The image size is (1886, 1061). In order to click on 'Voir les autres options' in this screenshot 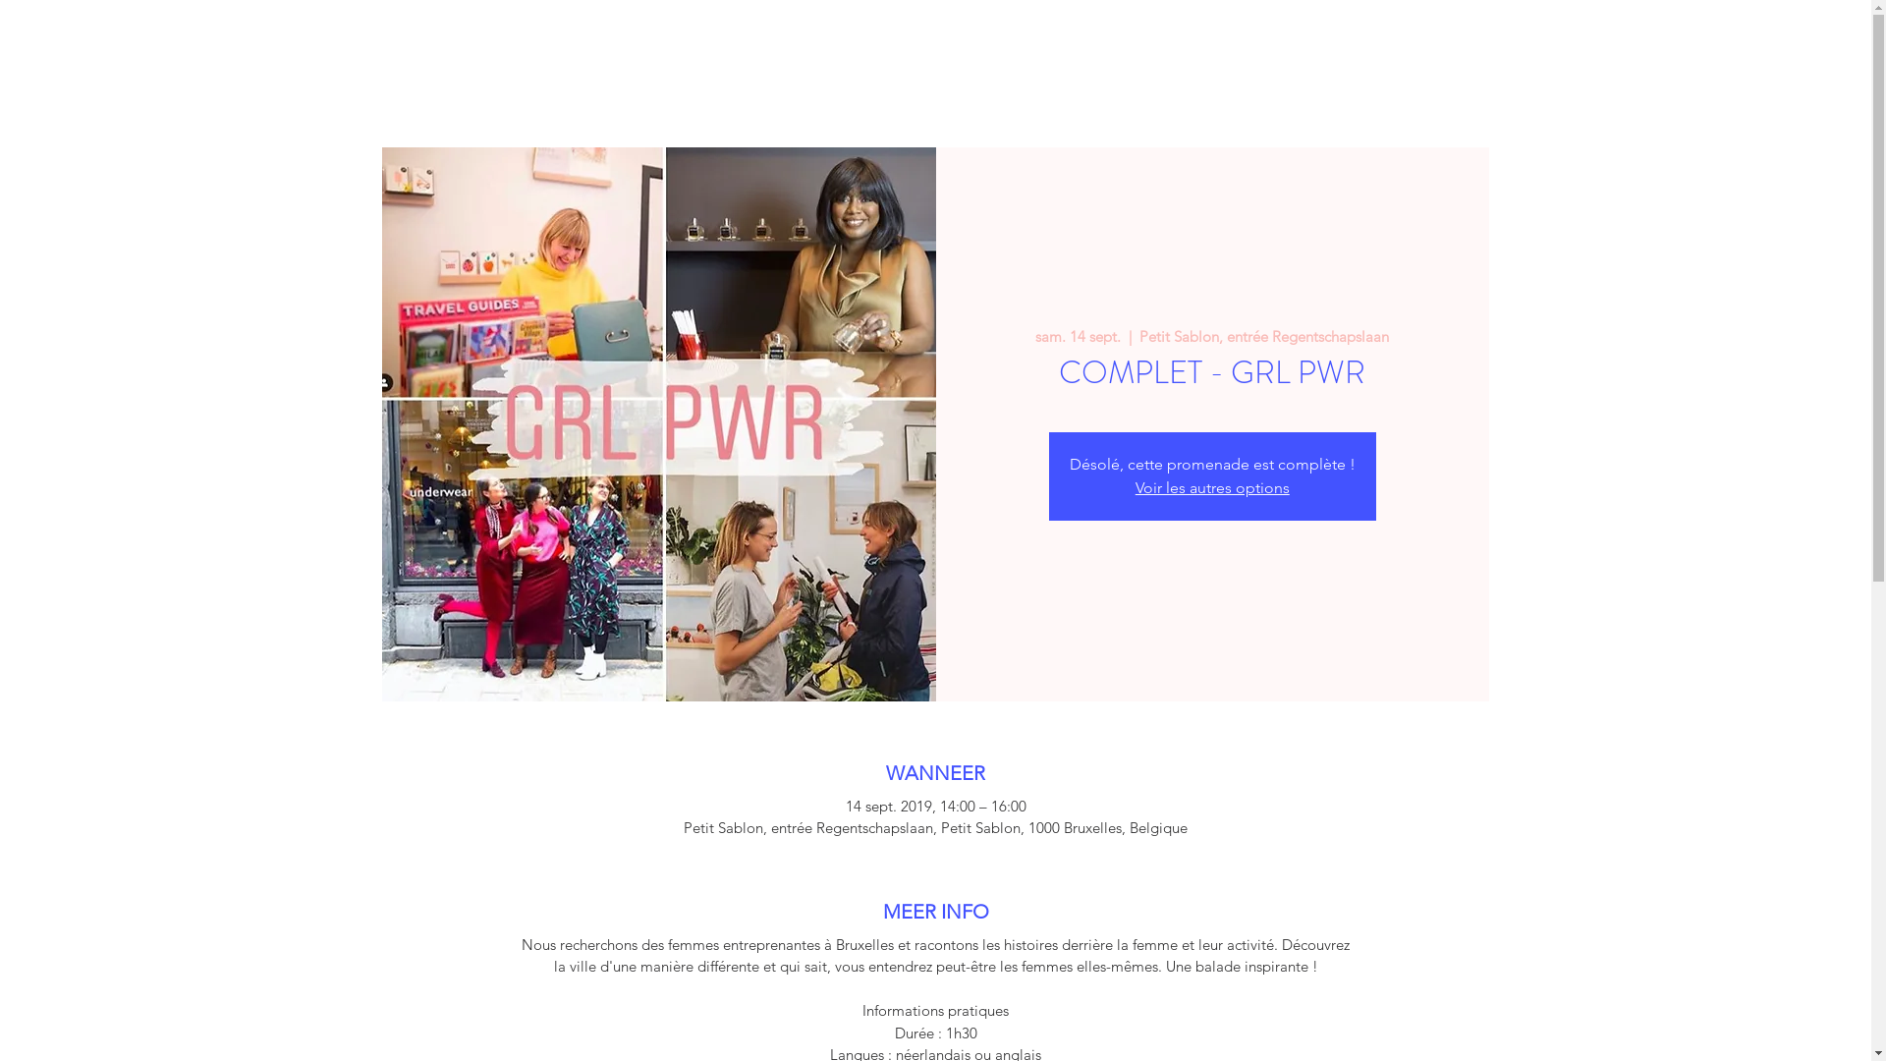, I will do `click(1136, 486)`.